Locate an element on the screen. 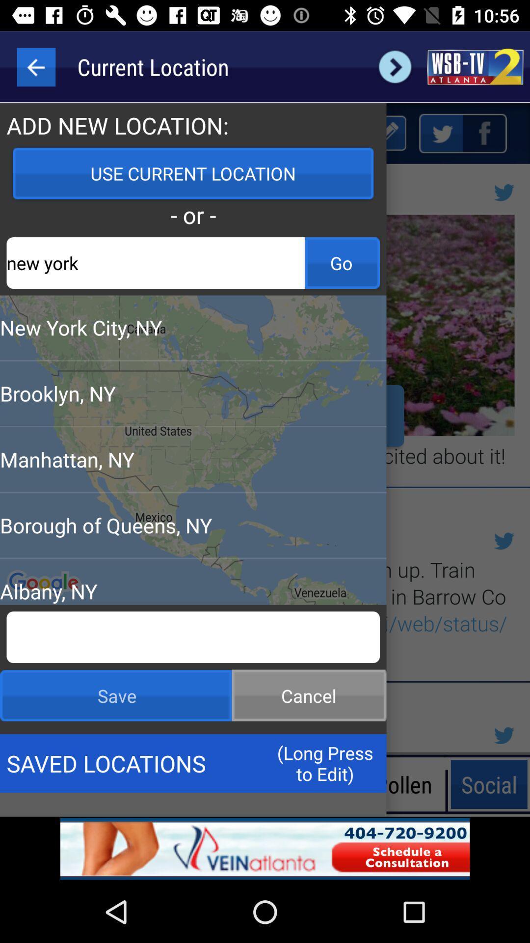 The image size is (530, 943). the arrow_backward icon is located at coordinates (35, 66).